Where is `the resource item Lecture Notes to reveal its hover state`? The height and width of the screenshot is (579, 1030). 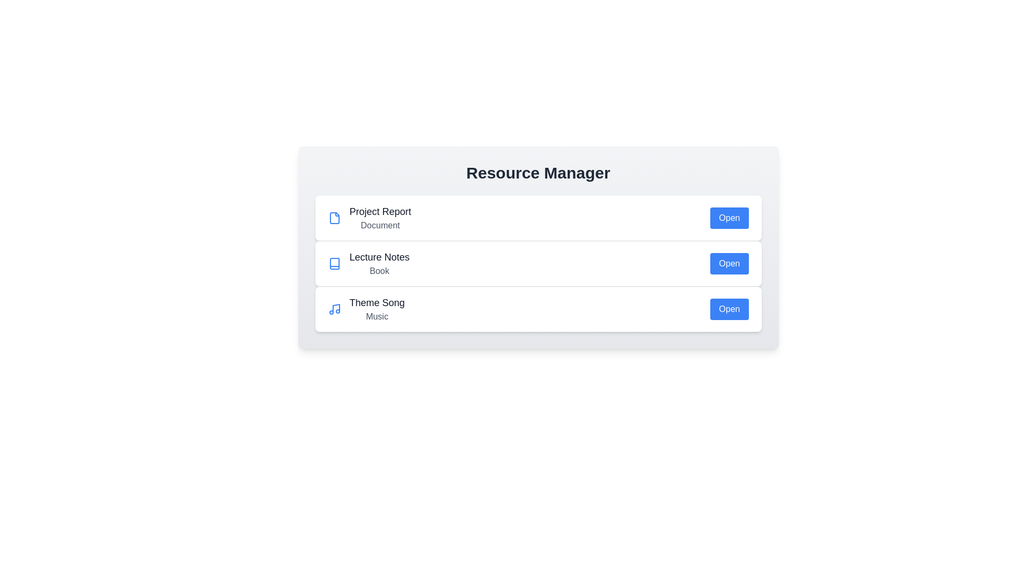 the resource item Lecture Notes to reveal its hover state is located at coordinates (538, 263).